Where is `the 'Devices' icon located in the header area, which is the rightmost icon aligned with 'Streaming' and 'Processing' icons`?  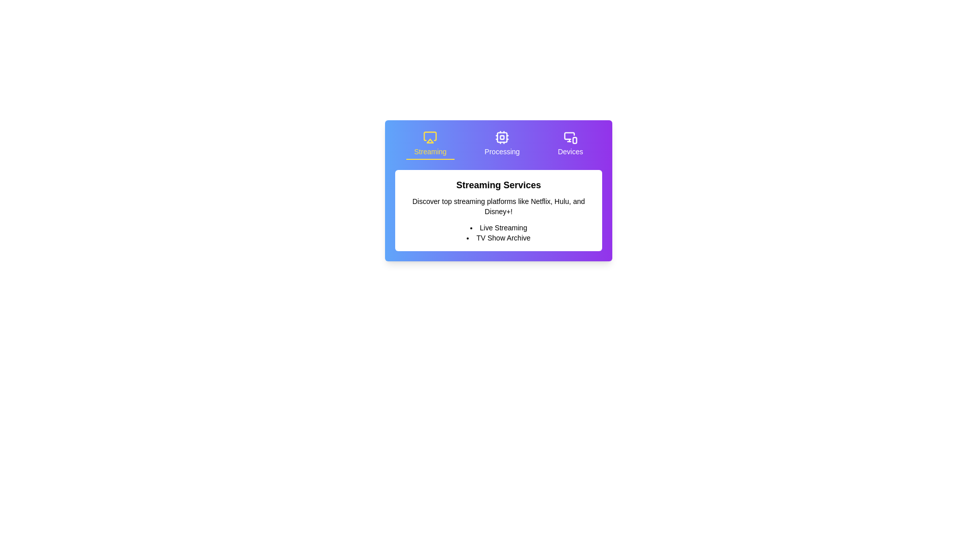
the 'Devices' icon located in the header area, which is the rightmost icon aligned with 'Streaming' and 'Processing' icons is located at coordinates (570, 137).